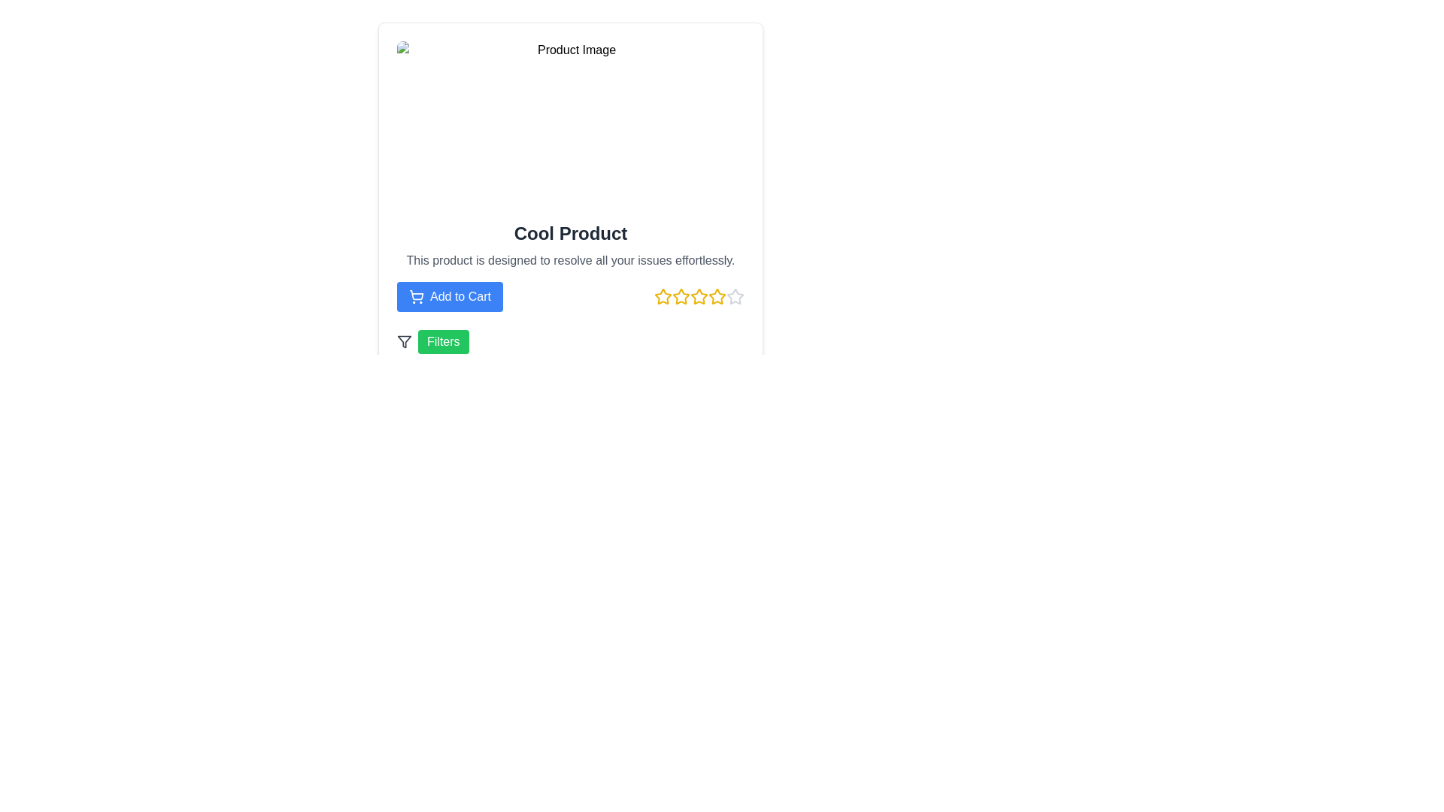  Describe the element at coordinates (569, 260) in the screenshot. I see `the descriptive text about the product's features located within the product display card beneath the title 'Cool Product'` at that location.